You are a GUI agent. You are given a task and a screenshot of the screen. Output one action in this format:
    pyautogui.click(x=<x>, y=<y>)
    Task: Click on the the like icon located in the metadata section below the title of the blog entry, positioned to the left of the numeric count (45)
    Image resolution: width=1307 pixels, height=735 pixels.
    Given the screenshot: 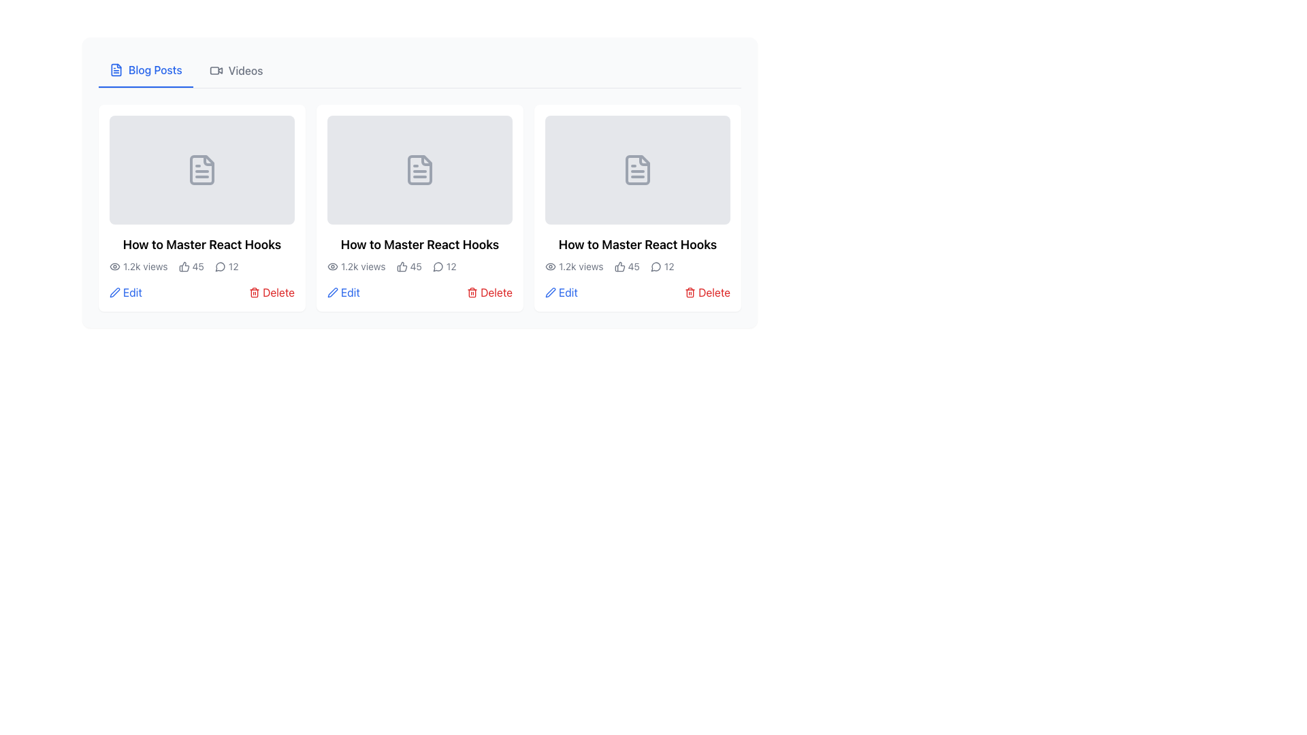 What is the action you would take?
    pyautogui.click(x=619, y=267)
    